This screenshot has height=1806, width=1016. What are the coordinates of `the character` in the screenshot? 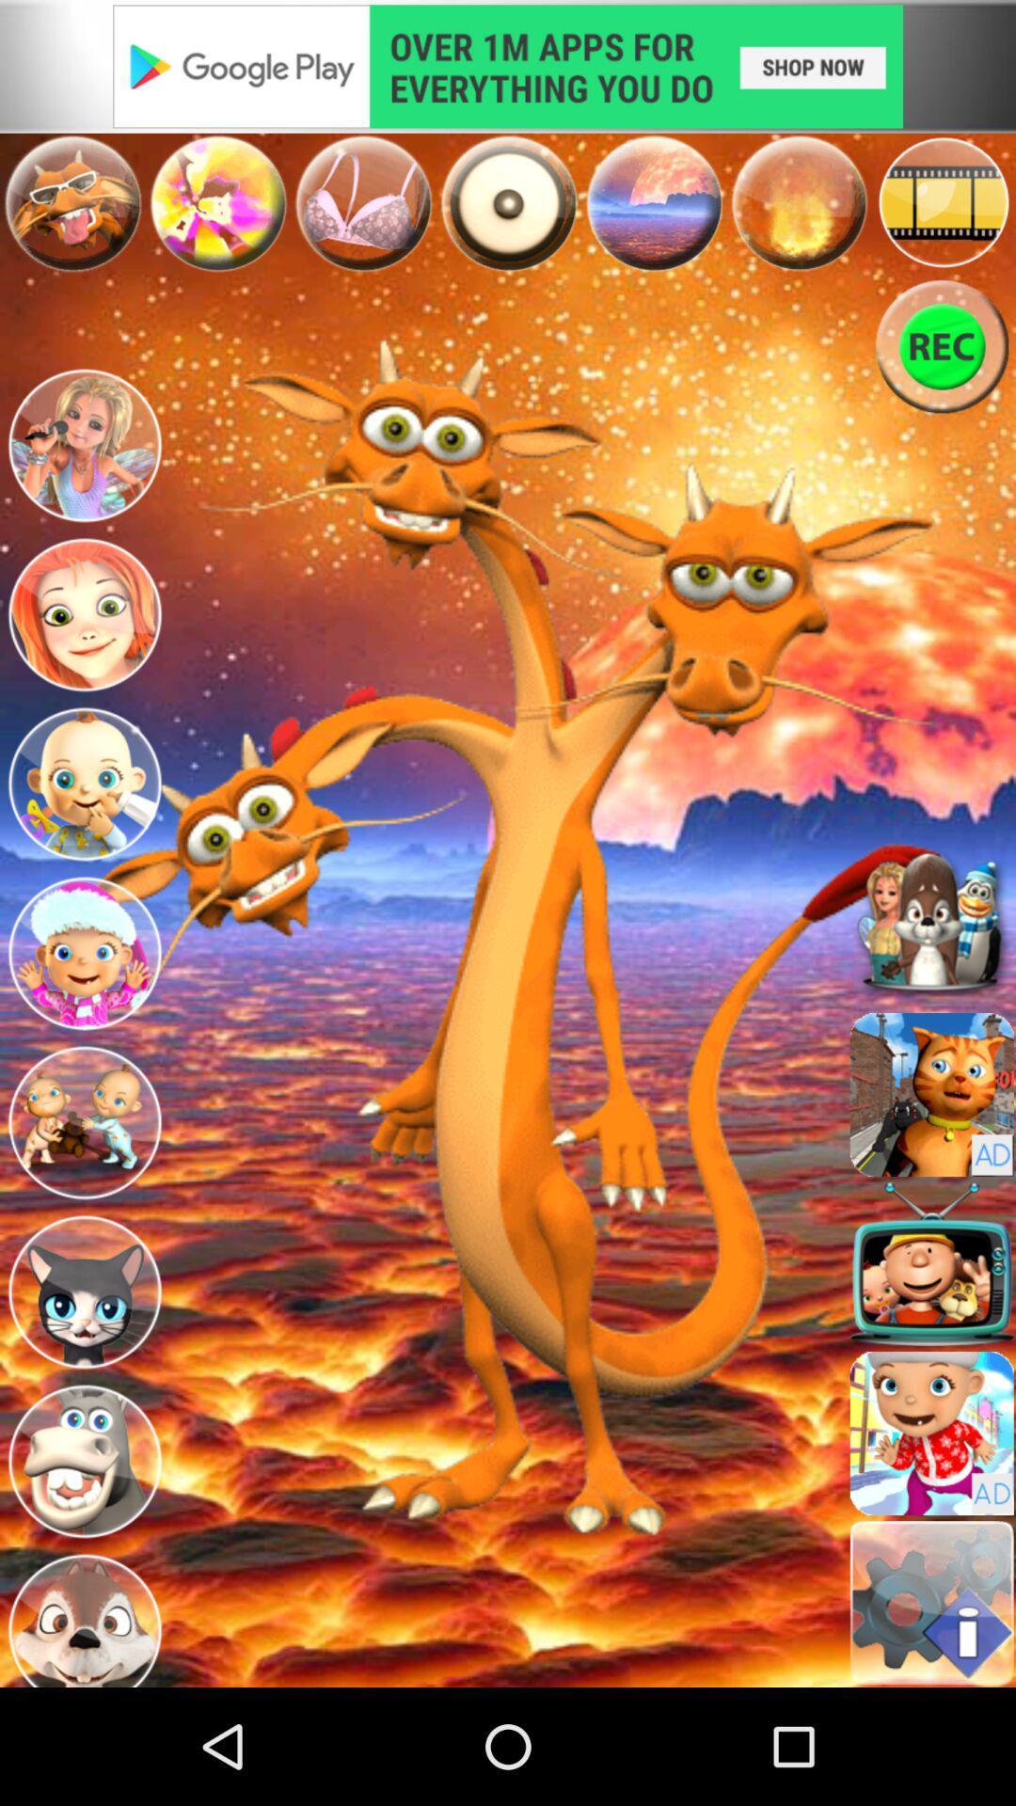 It's located at (83, 1461).